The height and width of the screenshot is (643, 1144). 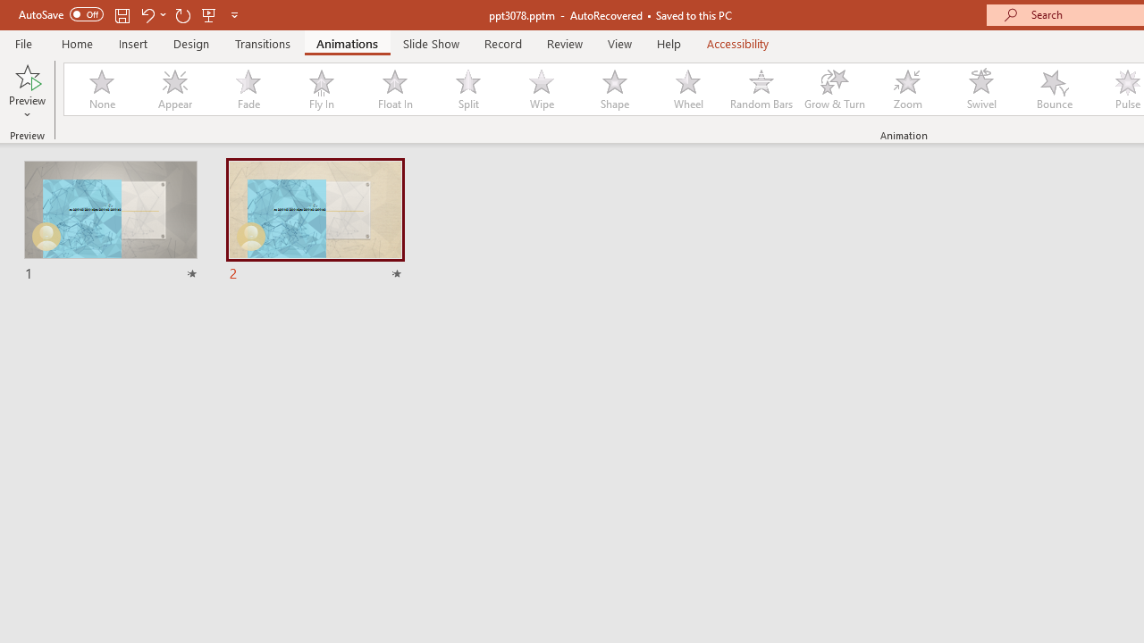 I want to click on 'Slide', so click(x=315, y=221).